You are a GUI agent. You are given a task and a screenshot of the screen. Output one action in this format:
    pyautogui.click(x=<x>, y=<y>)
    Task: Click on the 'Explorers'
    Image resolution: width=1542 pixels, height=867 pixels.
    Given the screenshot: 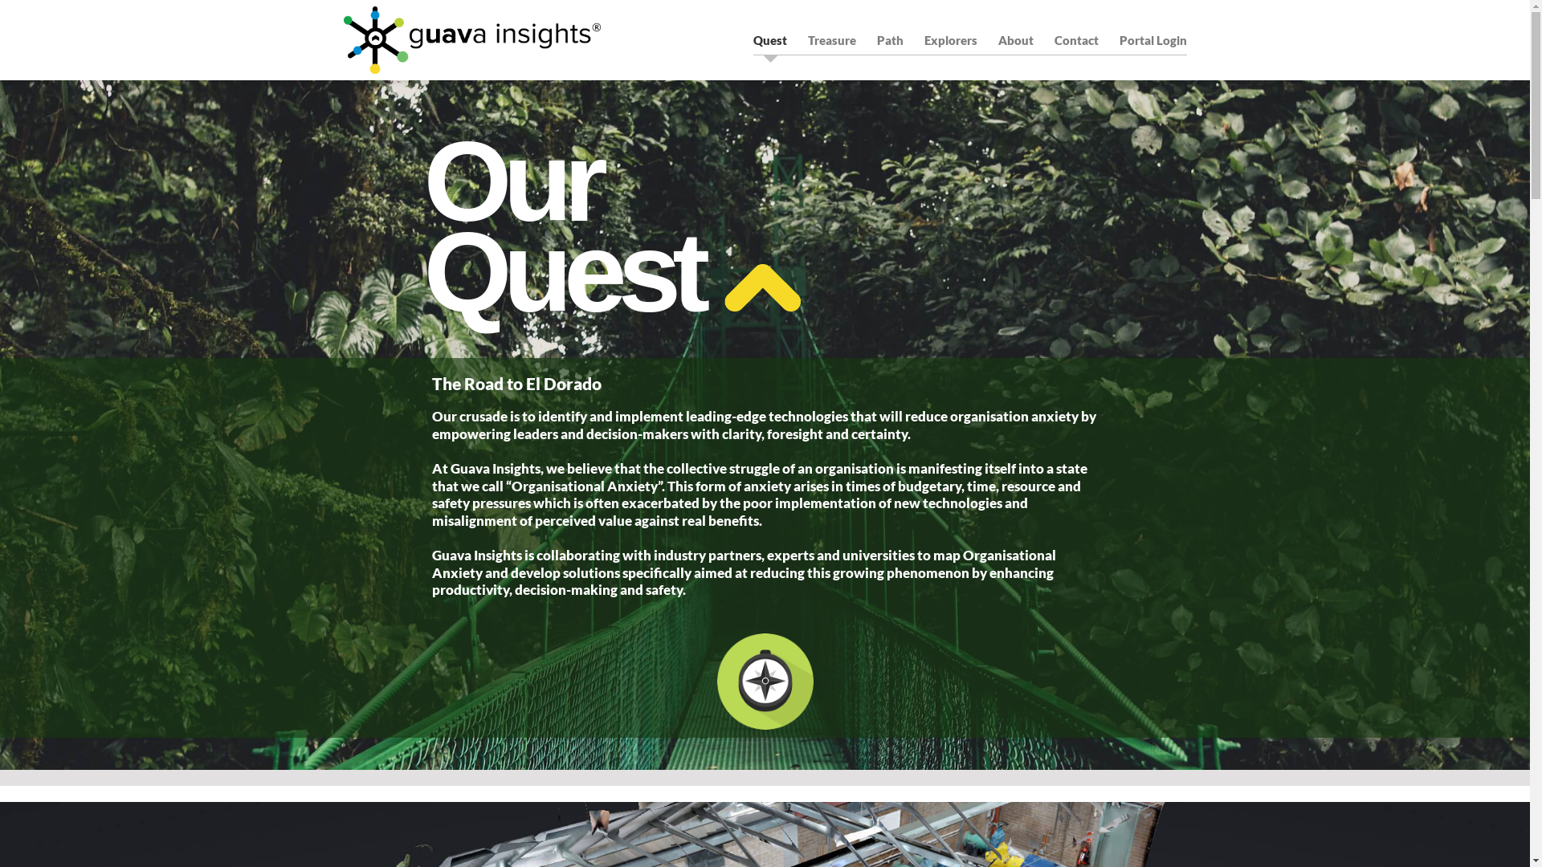 What is the action you would take?
    pyautogui.click(x=949, y=39)
    